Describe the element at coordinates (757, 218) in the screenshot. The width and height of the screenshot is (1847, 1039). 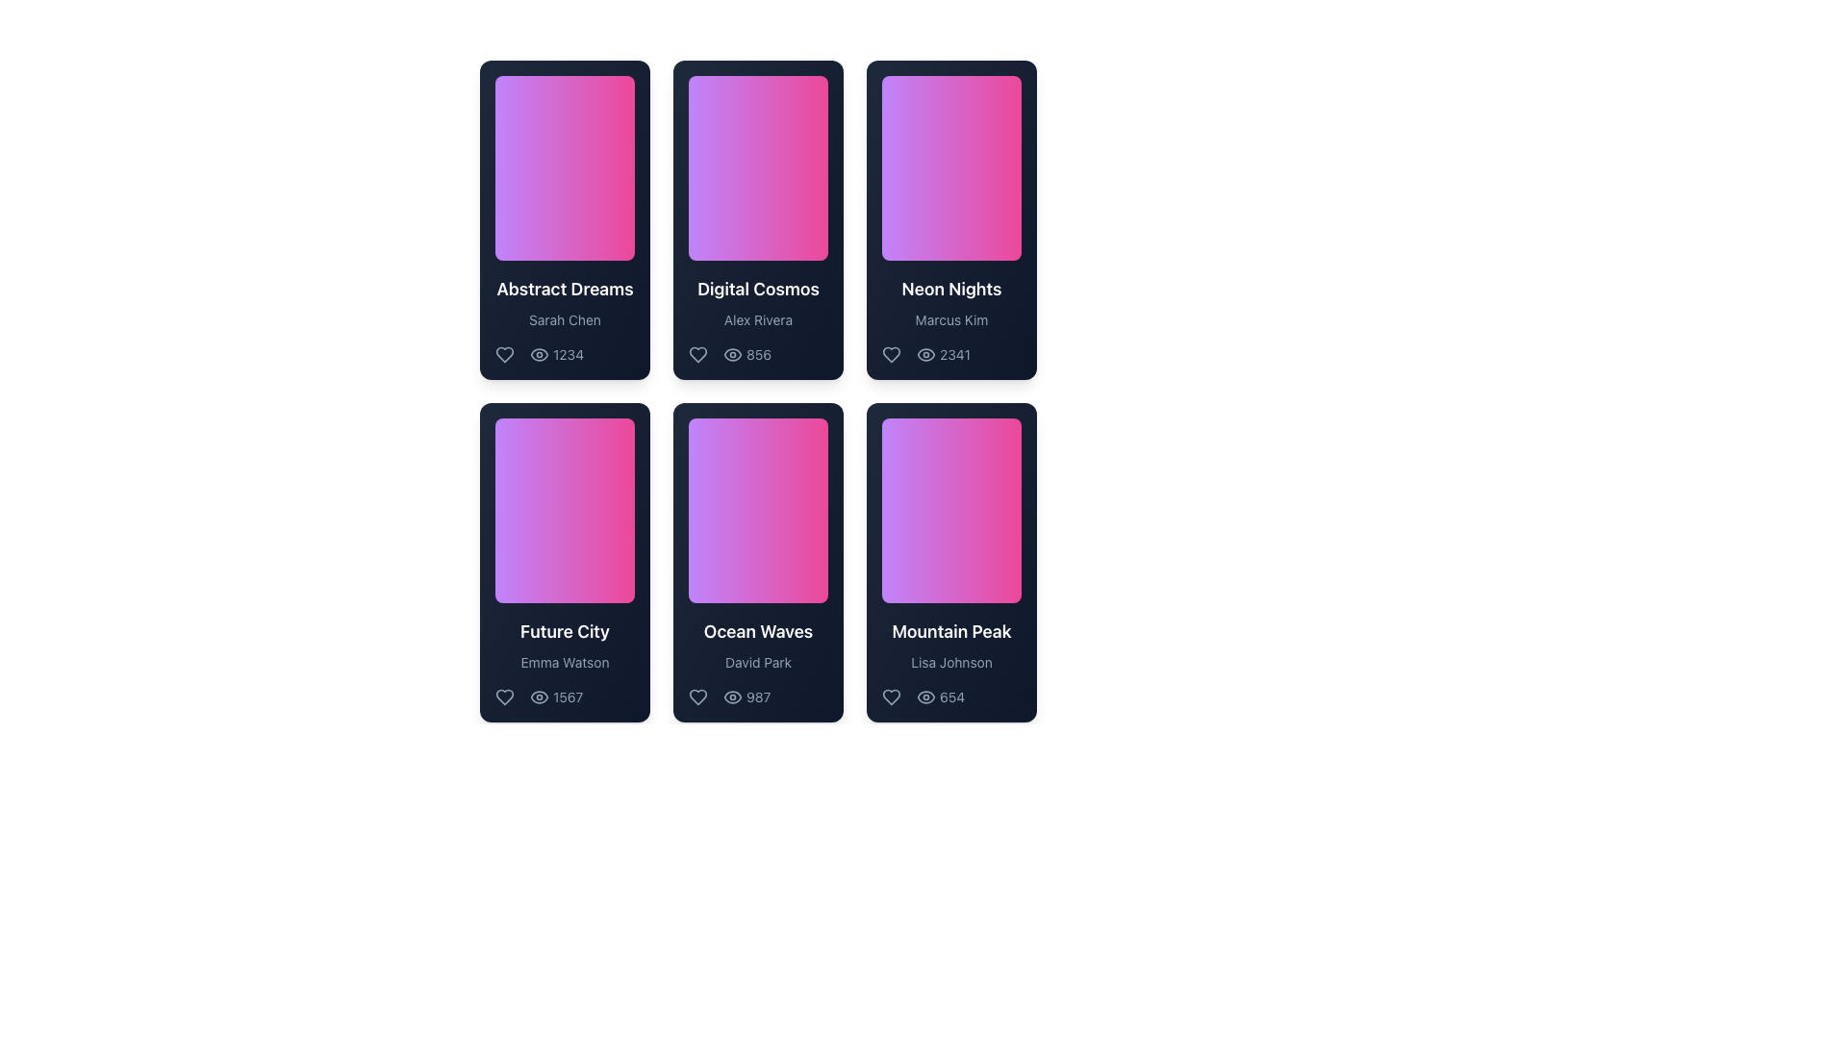
I see `to interact with the display card located in the second position of the top row, between the 'Abstract Dreams' and 'Neon Nights' panels` at that location.